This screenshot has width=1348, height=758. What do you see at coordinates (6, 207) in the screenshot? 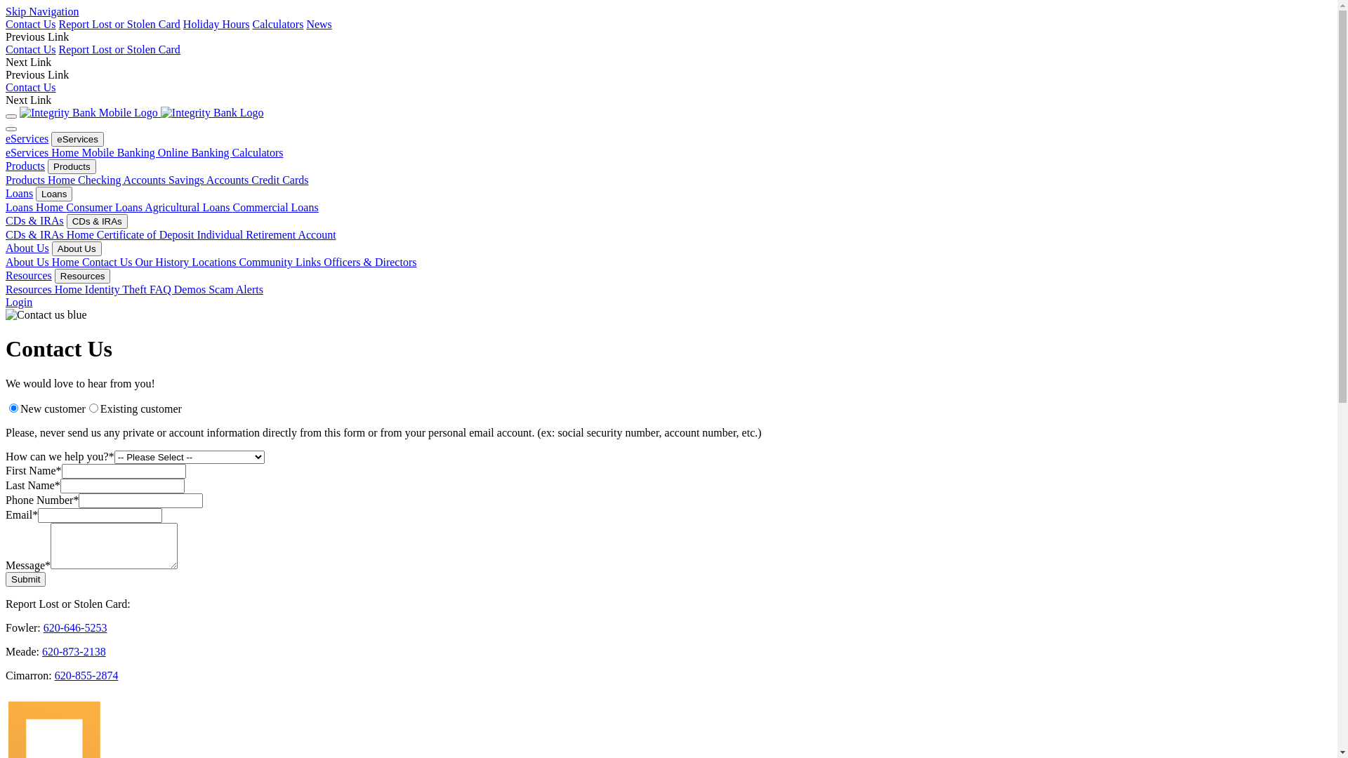
I see `'Loans Home'` at bounding box center [6, 207].